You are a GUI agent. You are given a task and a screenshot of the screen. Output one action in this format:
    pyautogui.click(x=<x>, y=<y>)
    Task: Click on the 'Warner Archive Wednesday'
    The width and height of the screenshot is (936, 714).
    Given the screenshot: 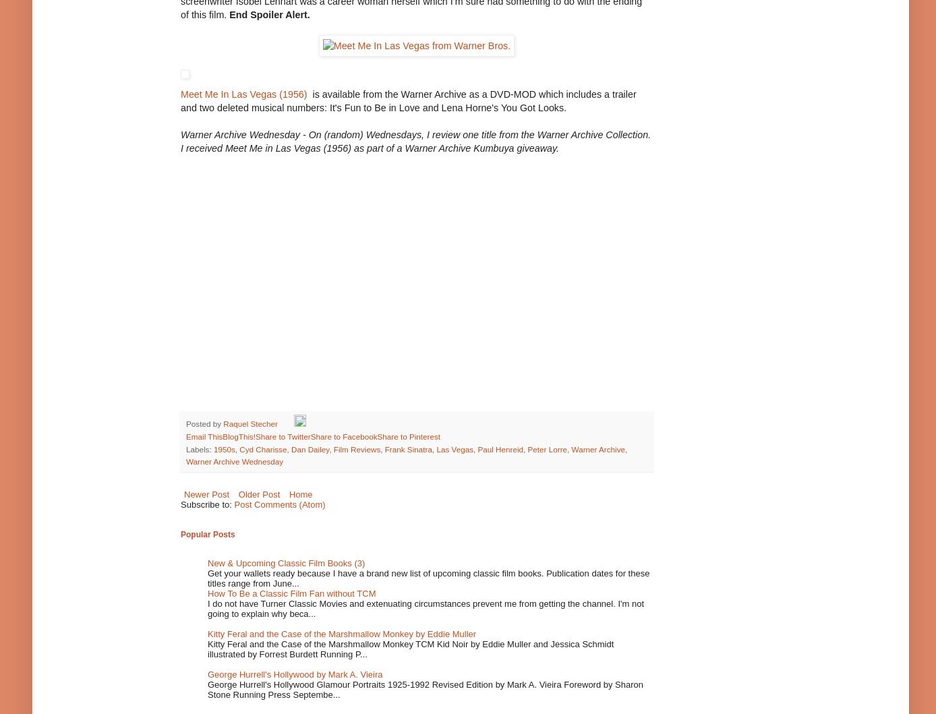 What is the action you would take?
    pyautogui.click(x=234, y=461)
    